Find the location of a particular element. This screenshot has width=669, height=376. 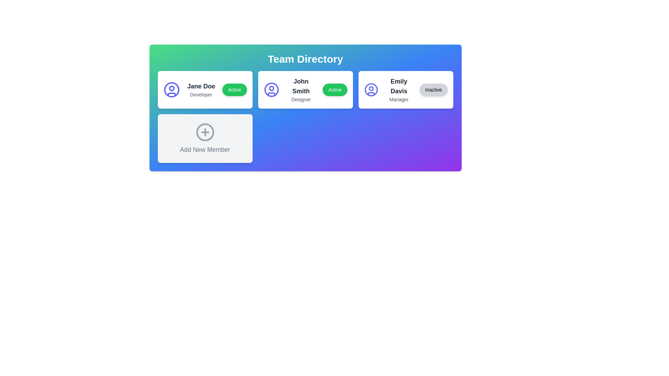

the red circular element within the user profile icon associated with 'Emily Davis' located at the top row of the interface is located at coordinates (371, 88).